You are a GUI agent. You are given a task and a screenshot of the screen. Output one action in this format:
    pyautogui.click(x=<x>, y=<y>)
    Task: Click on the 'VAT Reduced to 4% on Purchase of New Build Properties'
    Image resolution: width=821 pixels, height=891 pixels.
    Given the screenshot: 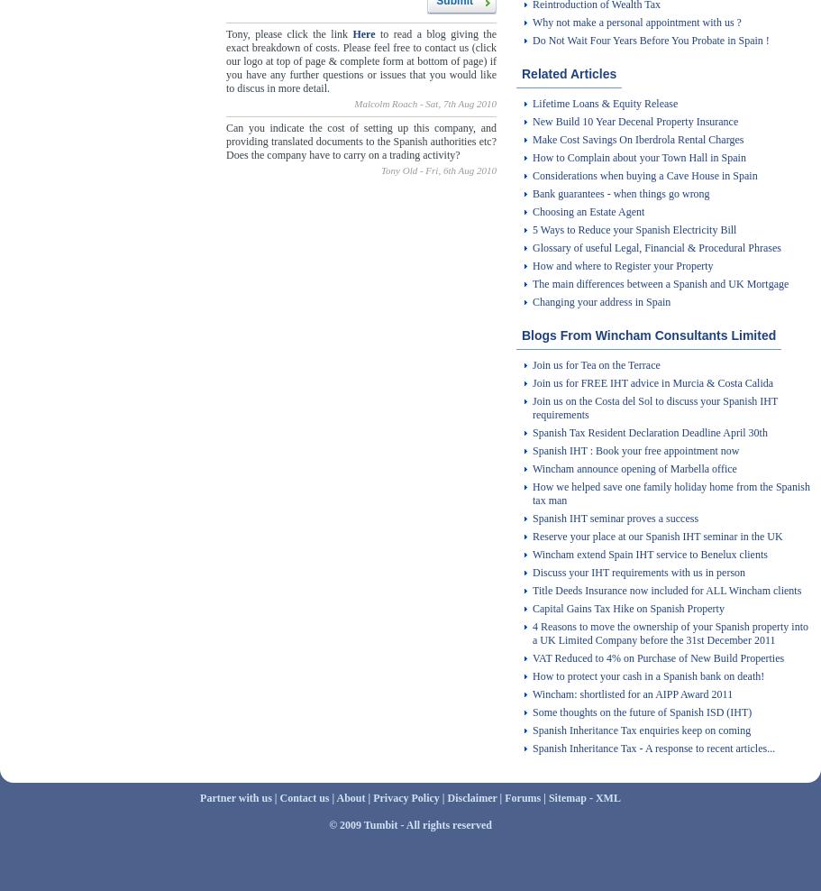 What is the action you would take?
    pyautogui.click(x=658, y=658)
    